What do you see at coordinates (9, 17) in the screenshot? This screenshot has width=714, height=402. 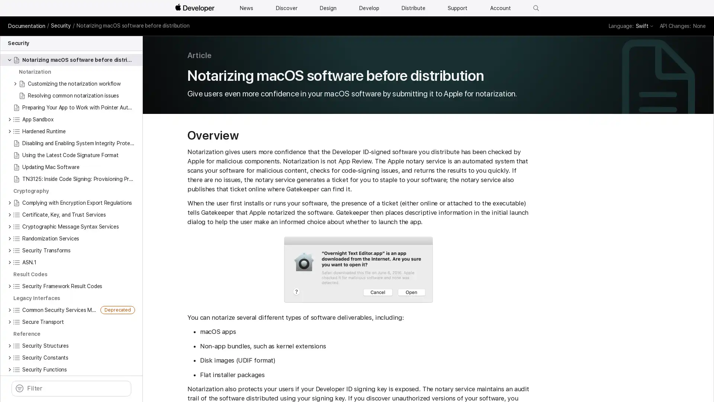 I see `Keychain Services` at bounding box center [9, 17].